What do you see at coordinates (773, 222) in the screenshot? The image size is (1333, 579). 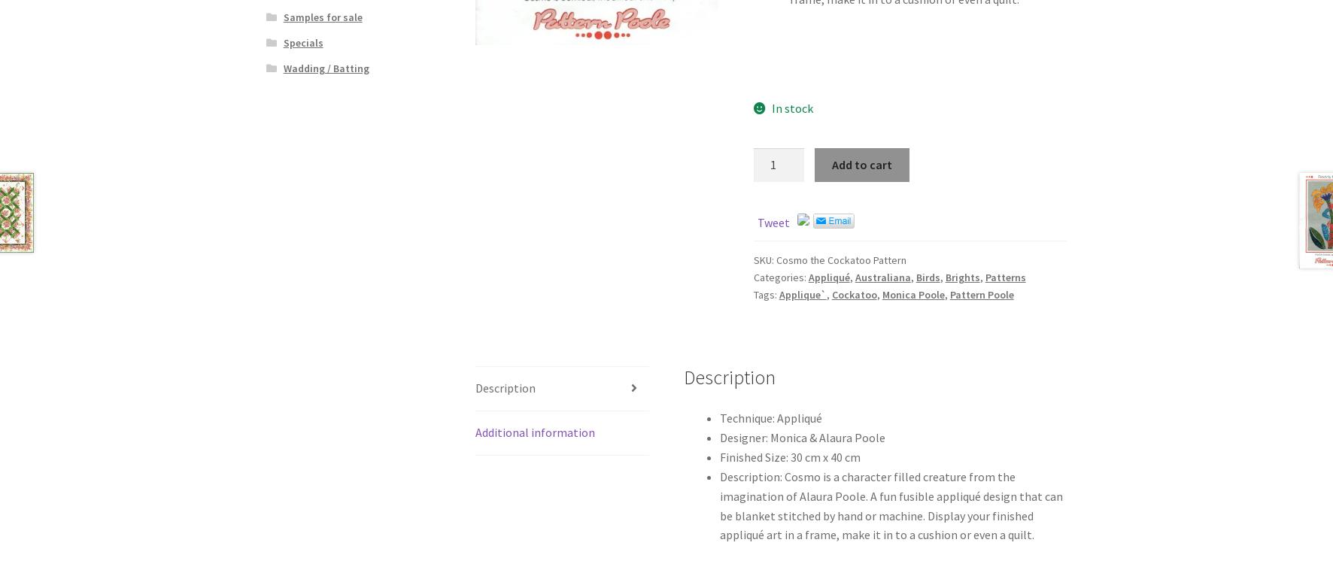 I see `'Tweet'` at bounding box center [773, 222].